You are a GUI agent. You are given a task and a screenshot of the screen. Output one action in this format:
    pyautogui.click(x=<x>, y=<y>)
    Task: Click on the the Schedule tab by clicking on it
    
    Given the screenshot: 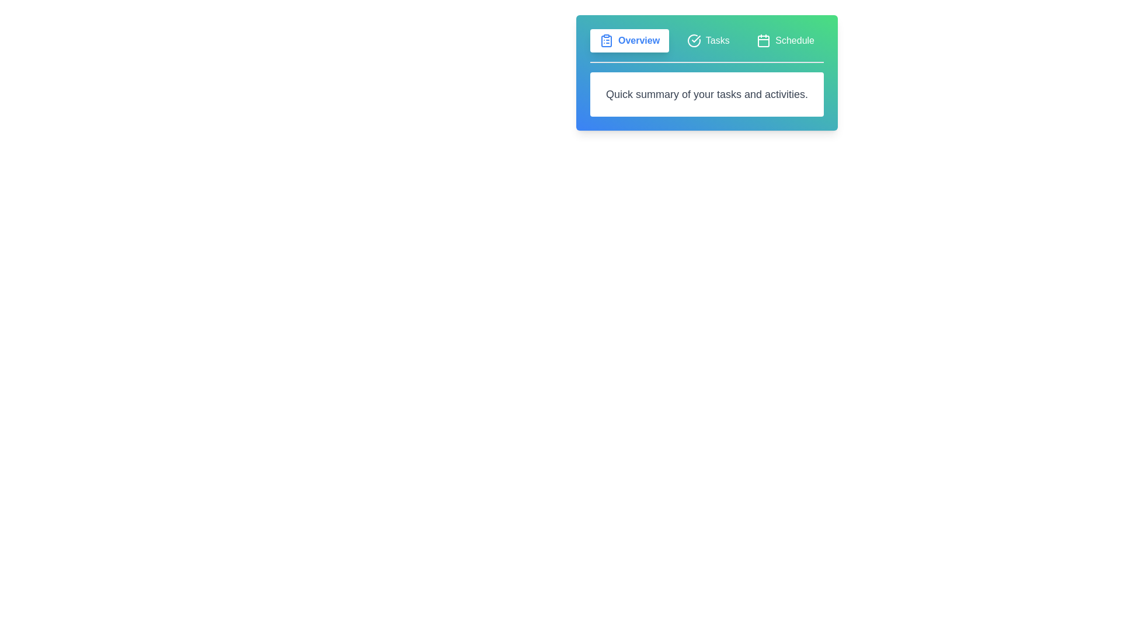 What is the action you would take?
    pyautogui.click(x=785, y=40)
    